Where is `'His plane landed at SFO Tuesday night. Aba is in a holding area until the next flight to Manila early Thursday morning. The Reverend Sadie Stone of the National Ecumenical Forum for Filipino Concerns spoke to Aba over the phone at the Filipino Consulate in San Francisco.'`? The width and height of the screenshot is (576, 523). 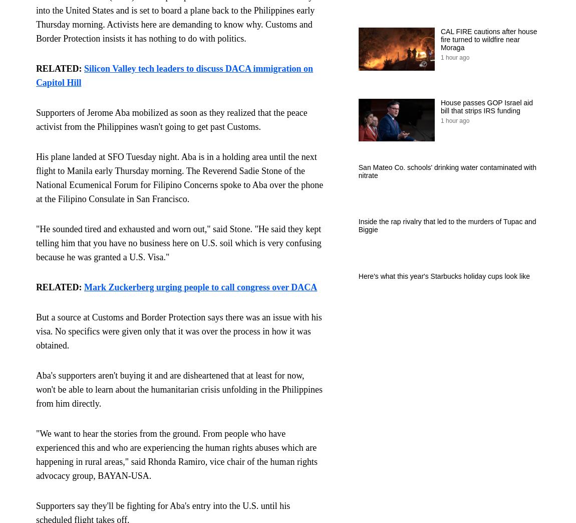
'His plane landed at SFO Tuesday night. Aba is in a holding area until the next flight to Manila early Thursday morning. The Reverend Sadie Stone of the National Ecumenical Forum for Filipino Concerns spoke to Aba over the phone at the Filipino Consulate in San Francisco.' is located at coordinates (179, 178).